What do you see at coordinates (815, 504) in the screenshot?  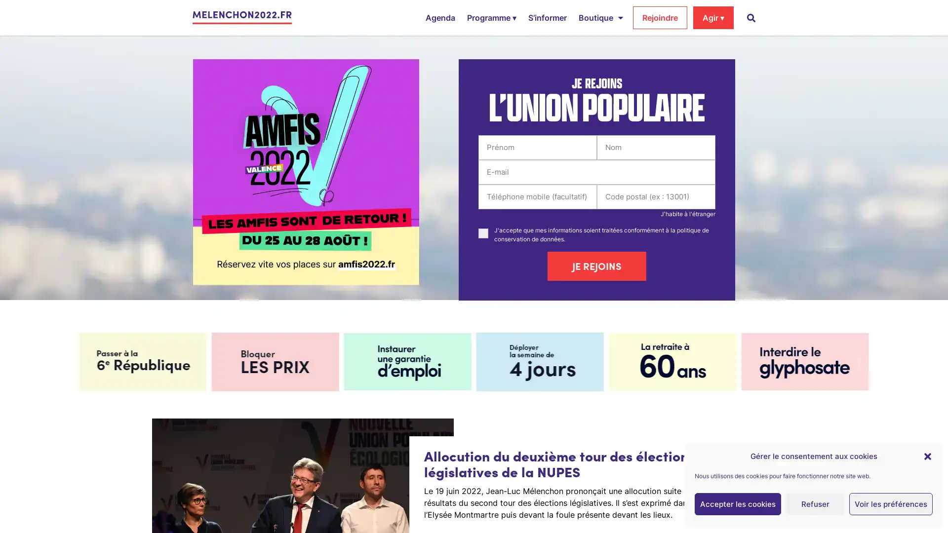 I see `Refuser` at bounding box center [815, 504].